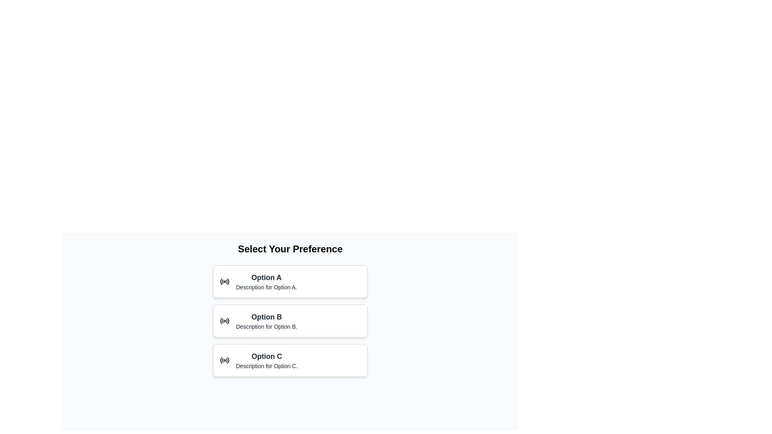 This screenshot has height=434, width=772. What do you see at coordinates (266, 277) in the screenshot?
I see `the Text Label that serves as a title for the first card in a vertical list of options, located at the top-center of the card` at bounding box center [266, 277].